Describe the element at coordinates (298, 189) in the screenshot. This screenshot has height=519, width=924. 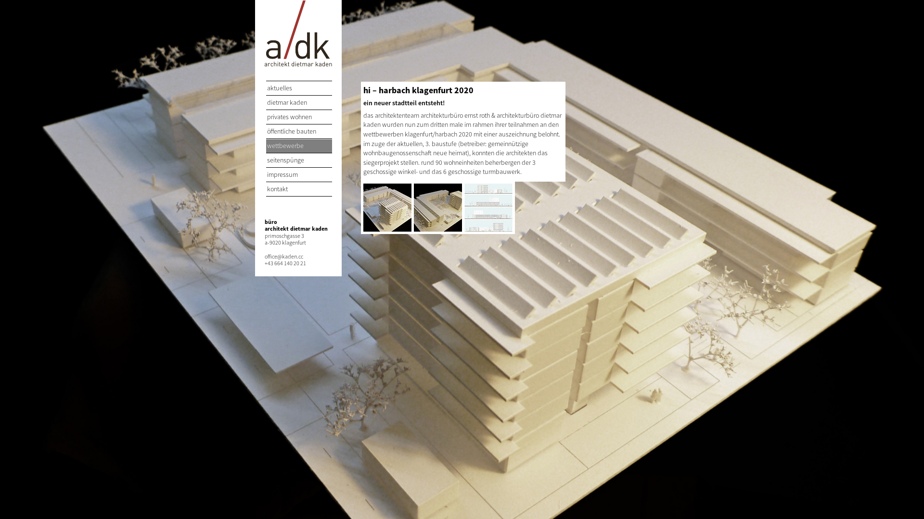
I see `'kontakt'` at that location.